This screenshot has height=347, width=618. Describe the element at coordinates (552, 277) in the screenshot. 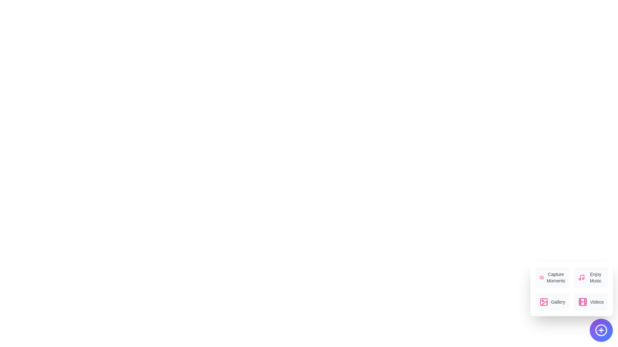

I see `the Capture Moments from the speed dial menu` at that location.